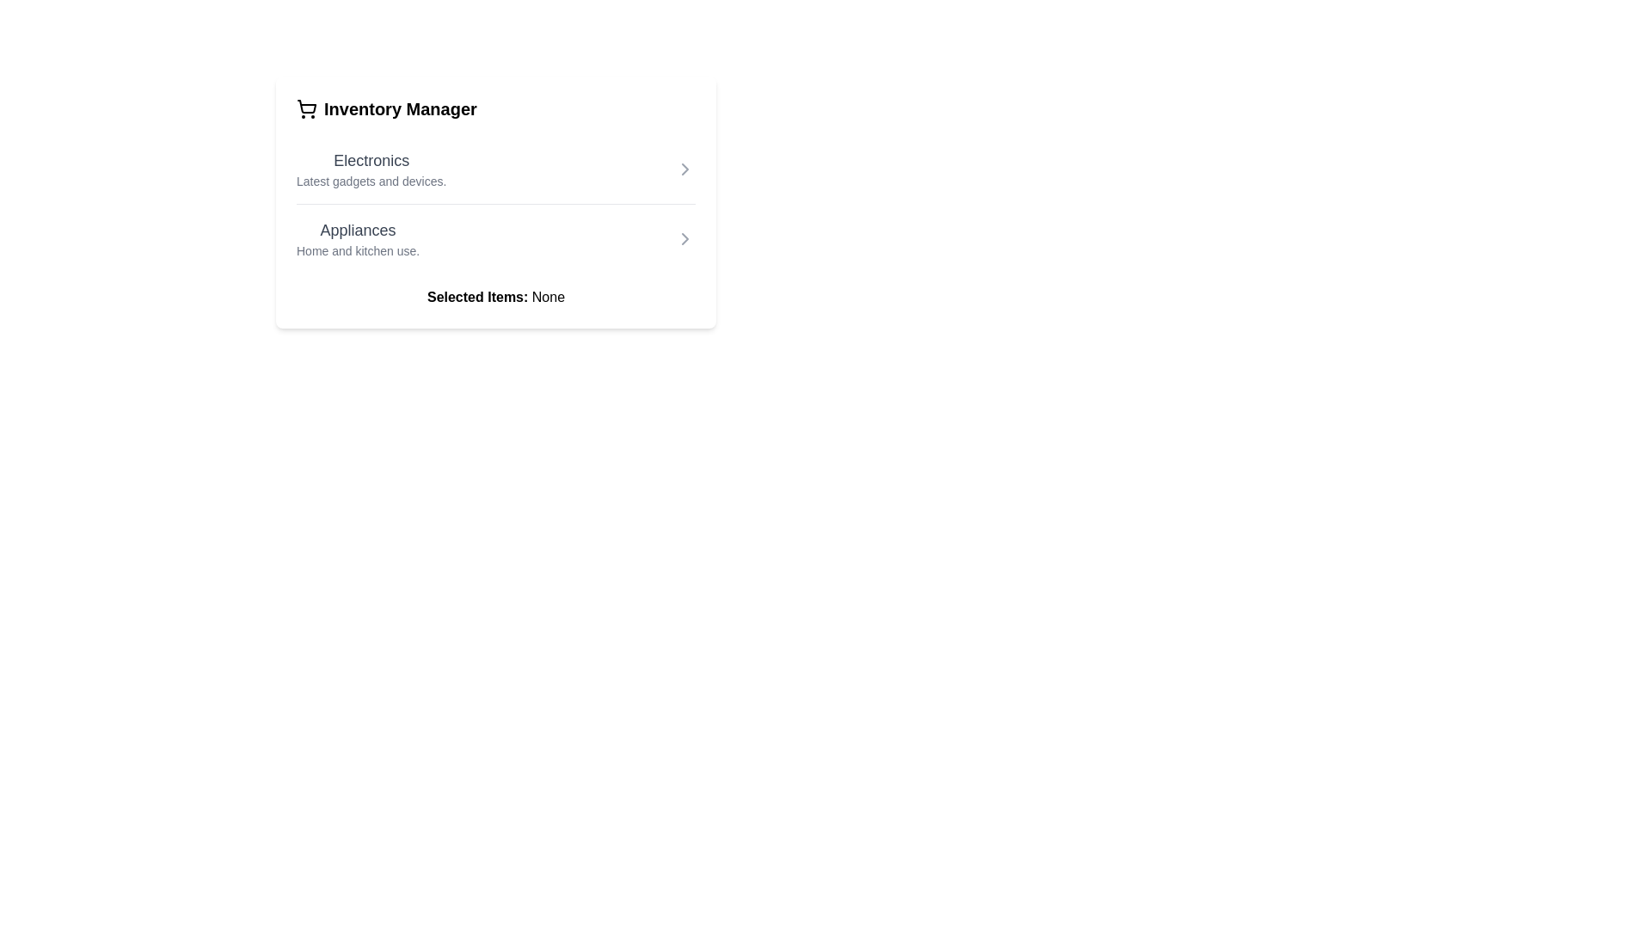 The image size is (1651, 929). What do you see at coordinates (371, 181) in the screenshot?
I see `the text label reading 'Latest gadgets and devices.' which is styled in a smaller font size and lighter gray color, positioned directly beneath the 'Electronics' header` at bounding box center [371, 181].